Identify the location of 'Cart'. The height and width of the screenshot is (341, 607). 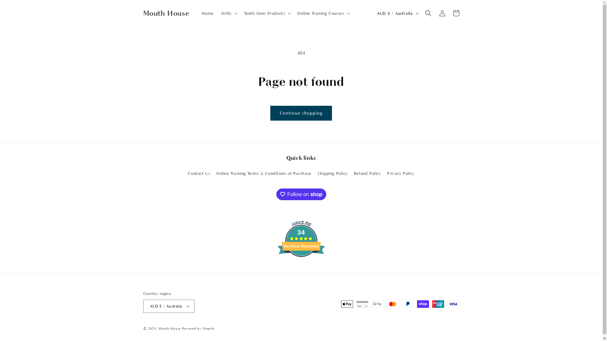
(456, 13).